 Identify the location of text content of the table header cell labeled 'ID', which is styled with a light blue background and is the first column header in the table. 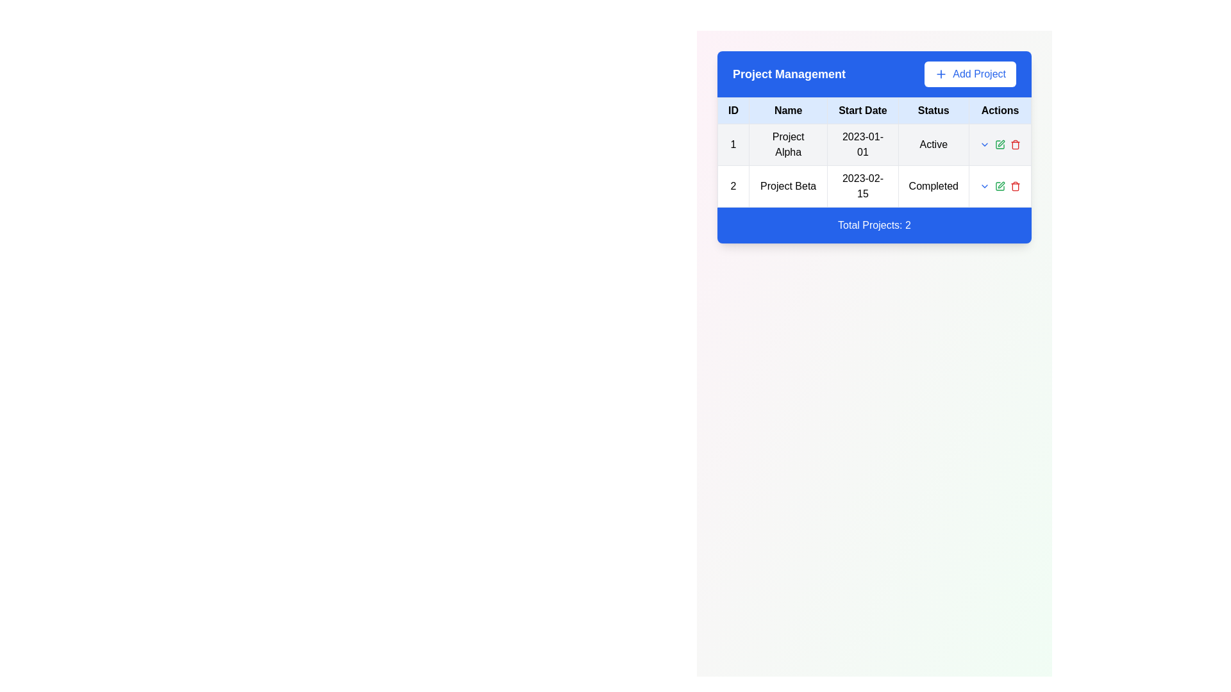
(733, 110).